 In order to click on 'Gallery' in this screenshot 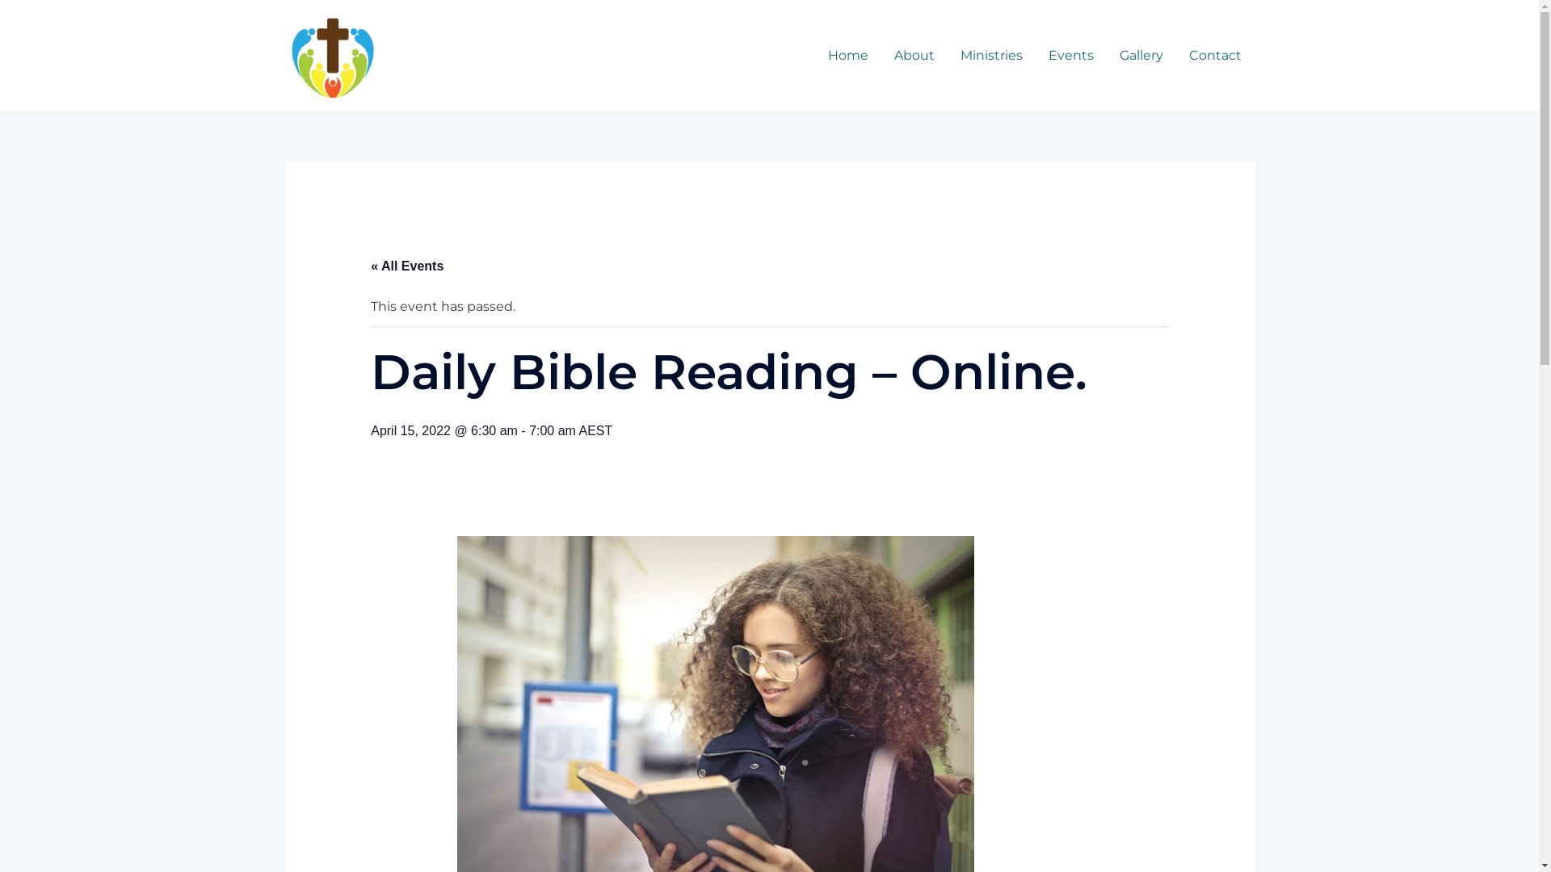, I will do `click(1140, 55)`.